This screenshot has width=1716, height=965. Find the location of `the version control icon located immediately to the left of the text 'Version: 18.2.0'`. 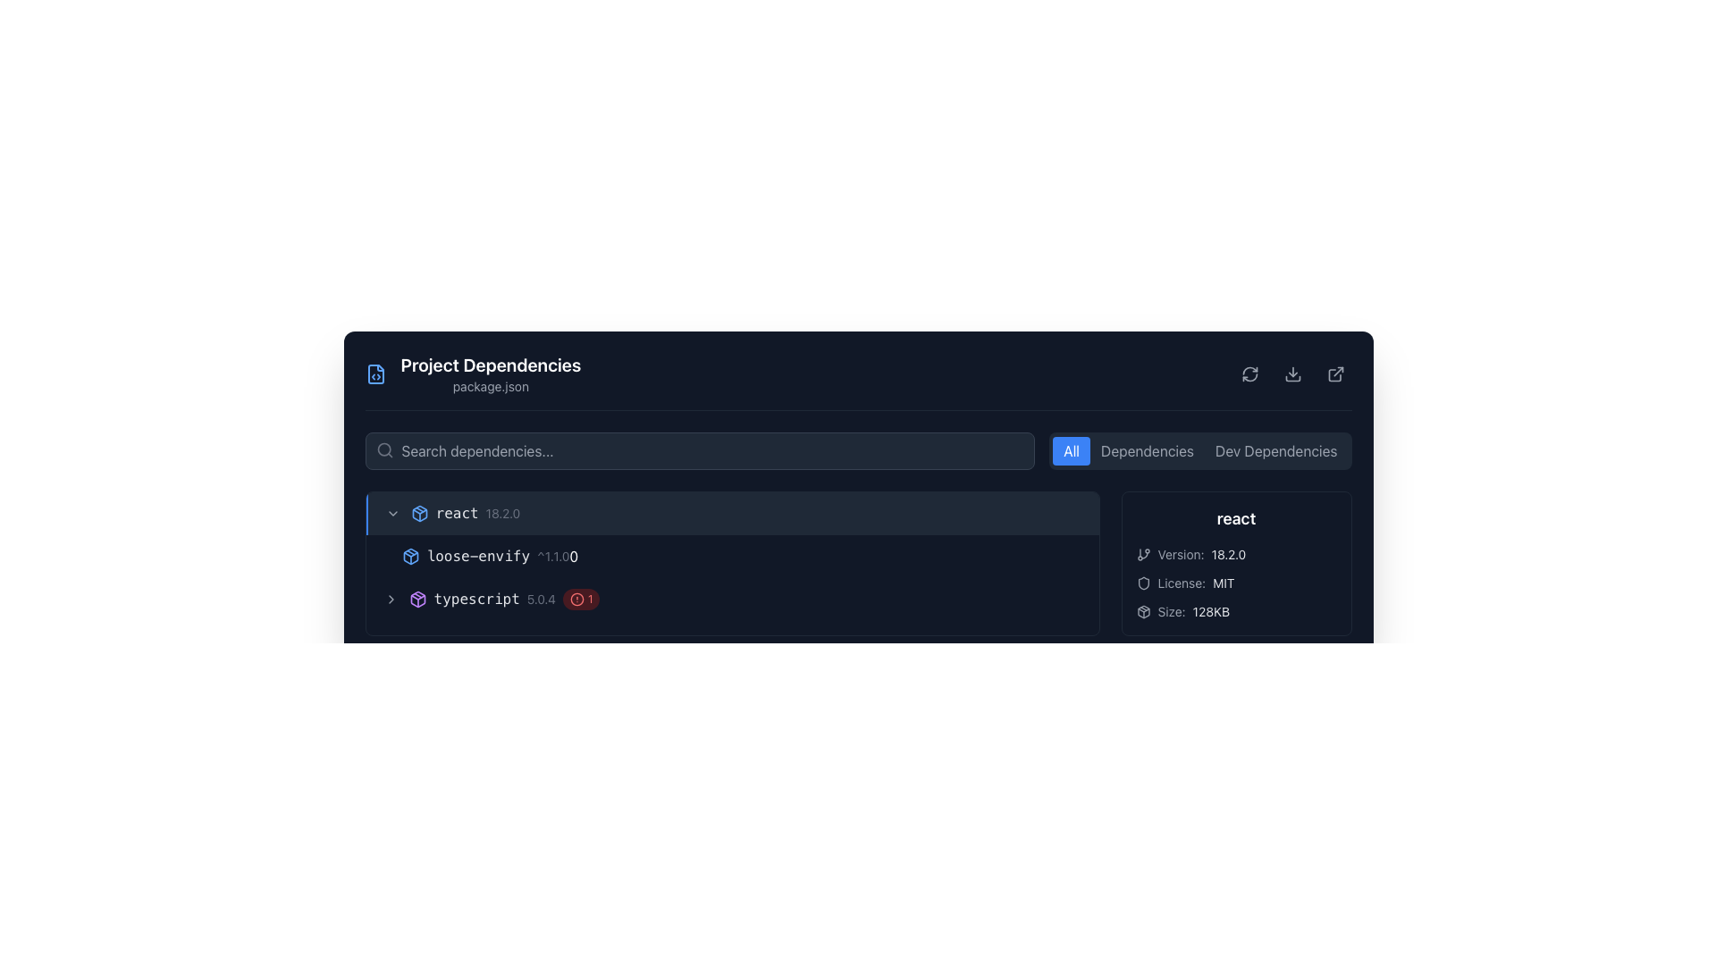

the version control icon located immediately to the left of the text 'Version: 18.2.0' is located at coordinates (1142, 554).